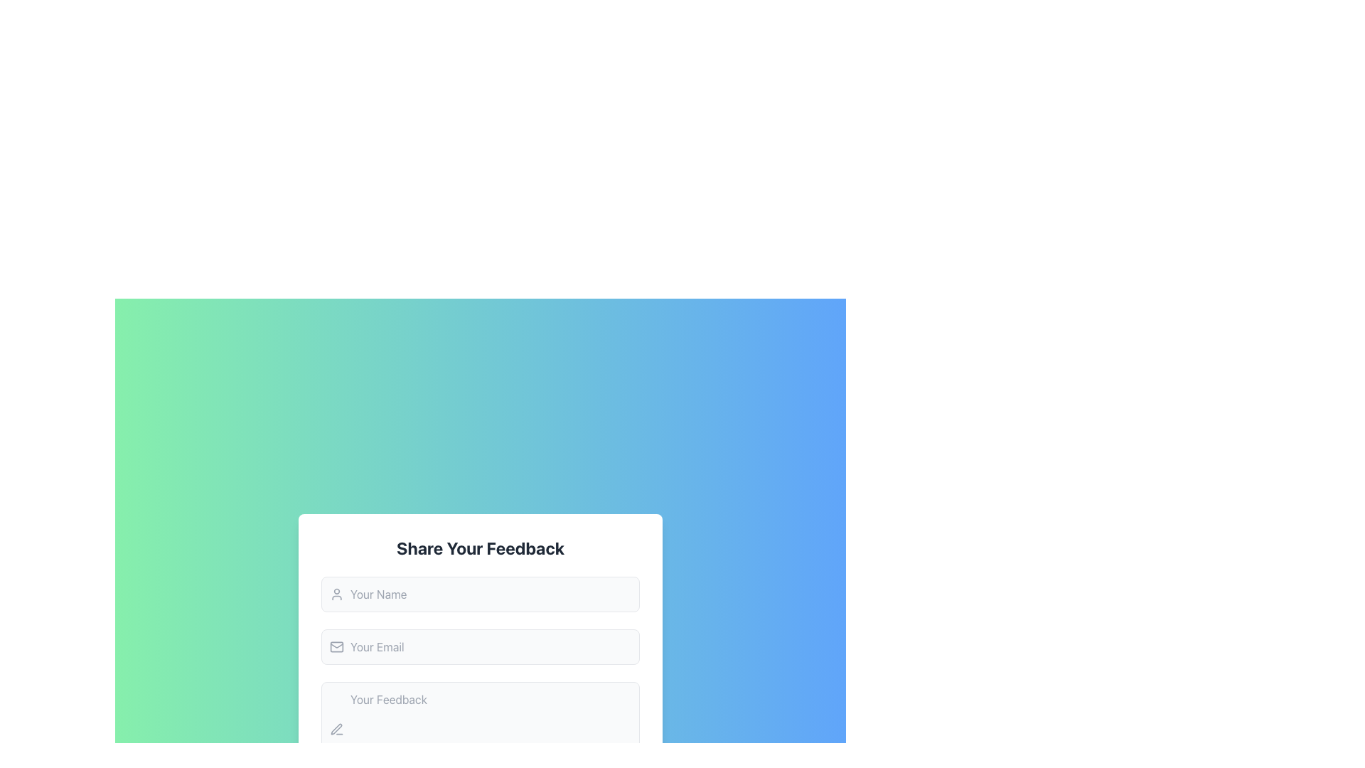 Image resolution: width=1365 pixels, height=768 pixels. I want to click on the envelope icon representing the email input field in the 'Share Your Feedback' form, so click(336, 647).